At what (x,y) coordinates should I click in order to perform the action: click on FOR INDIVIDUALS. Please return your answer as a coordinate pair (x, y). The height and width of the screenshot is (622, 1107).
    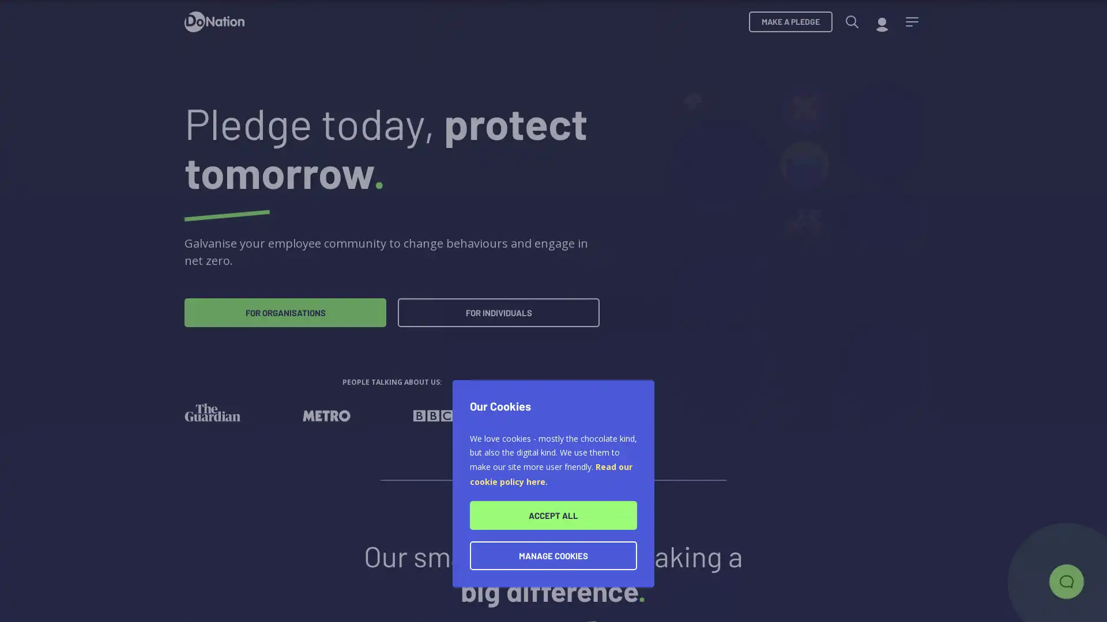
    Looking at the image, I should click on (498, 313).